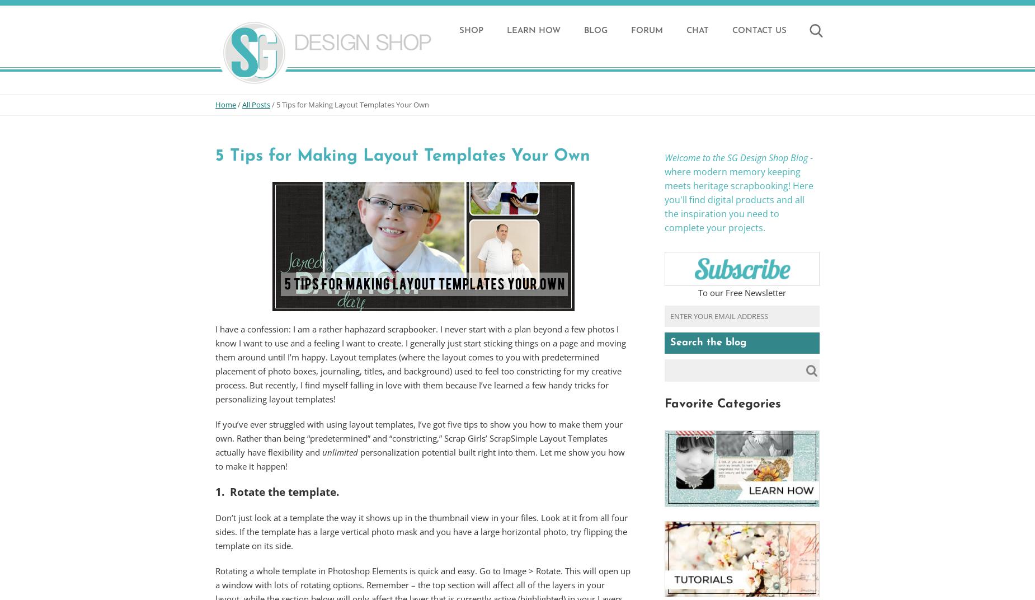 Image resolution: width=1035 pixels, height=600 pixels. What do you see at coordinates (707, 343) in the screenshot?
I see `'Search the blog'` at bounding box center [707, 343].